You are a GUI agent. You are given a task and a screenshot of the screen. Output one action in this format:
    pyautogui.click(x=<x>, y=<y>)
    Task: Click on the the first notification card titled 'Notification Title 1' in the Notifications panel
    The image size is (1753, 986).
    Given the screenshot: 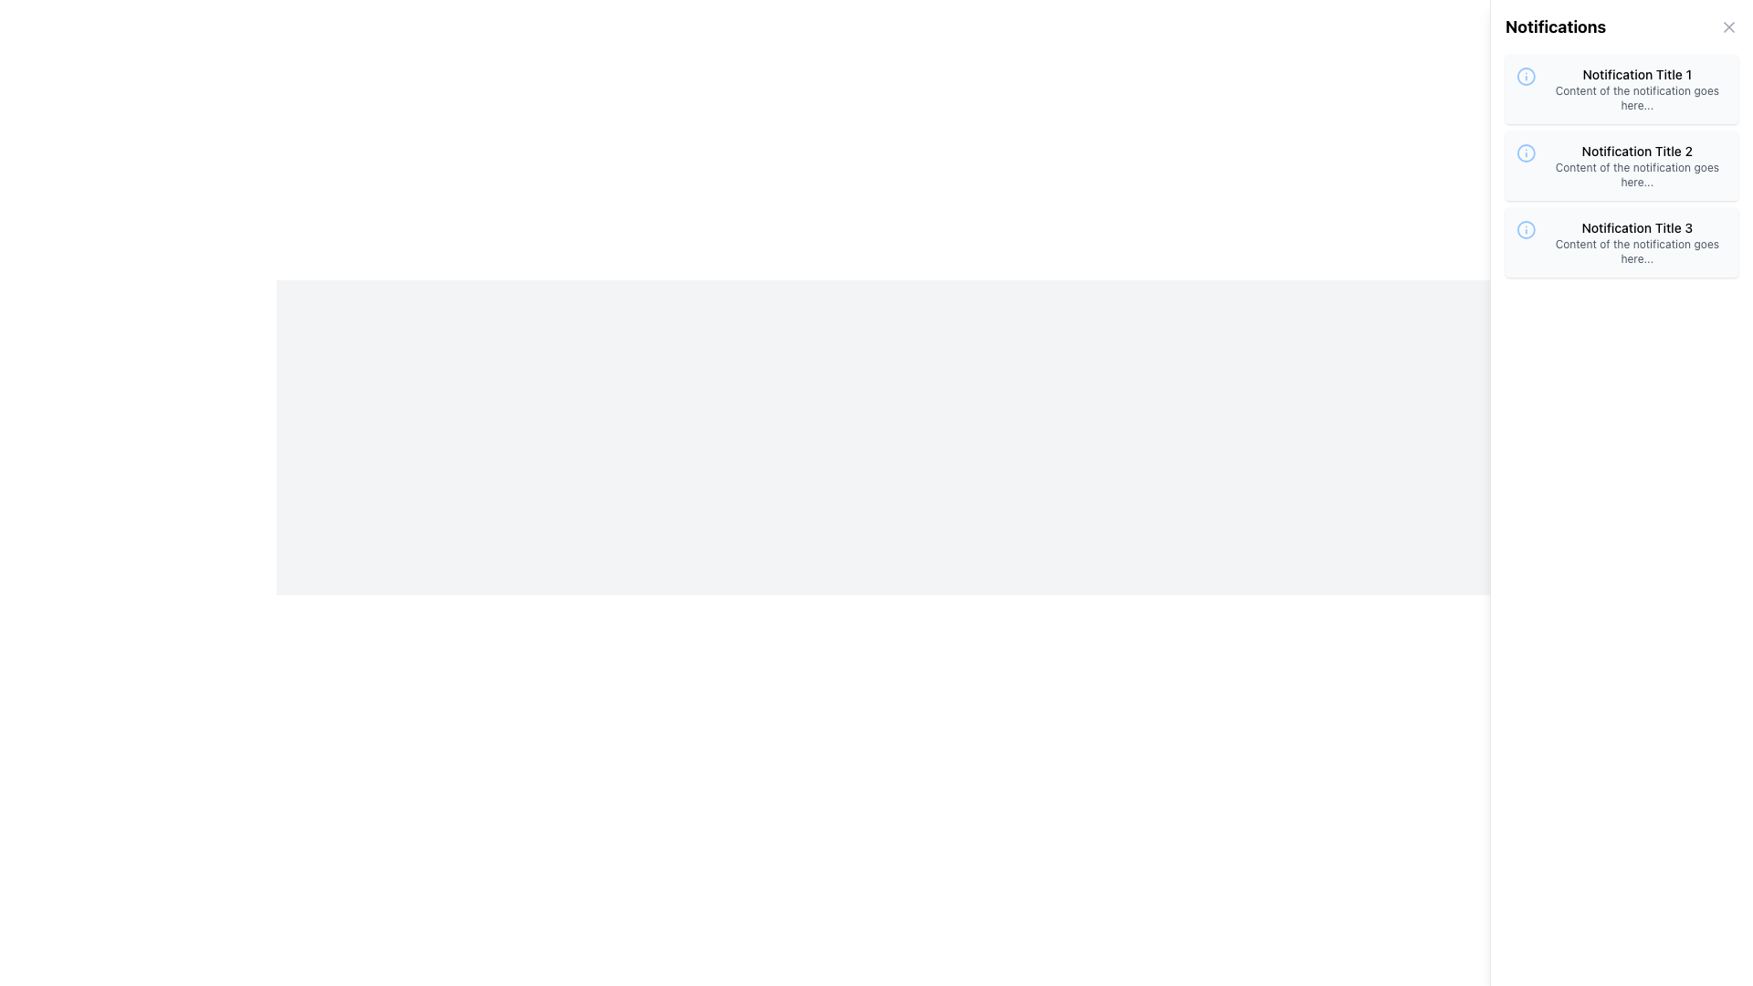 What is the action you would take?
    pyautogui.click(x=1622, y=89)
    